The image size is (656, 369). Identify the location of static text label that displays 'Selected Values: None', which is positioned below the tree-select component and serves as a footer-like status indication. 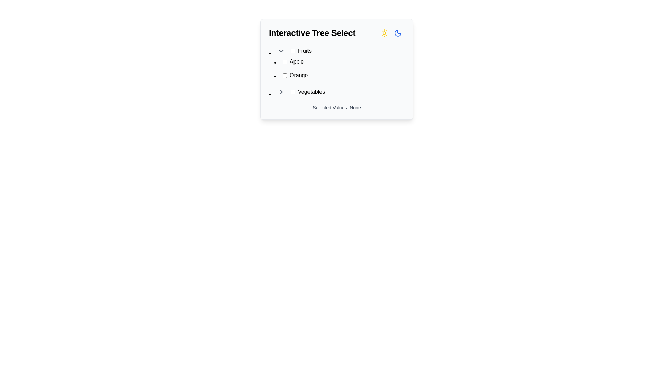
(337, 108).